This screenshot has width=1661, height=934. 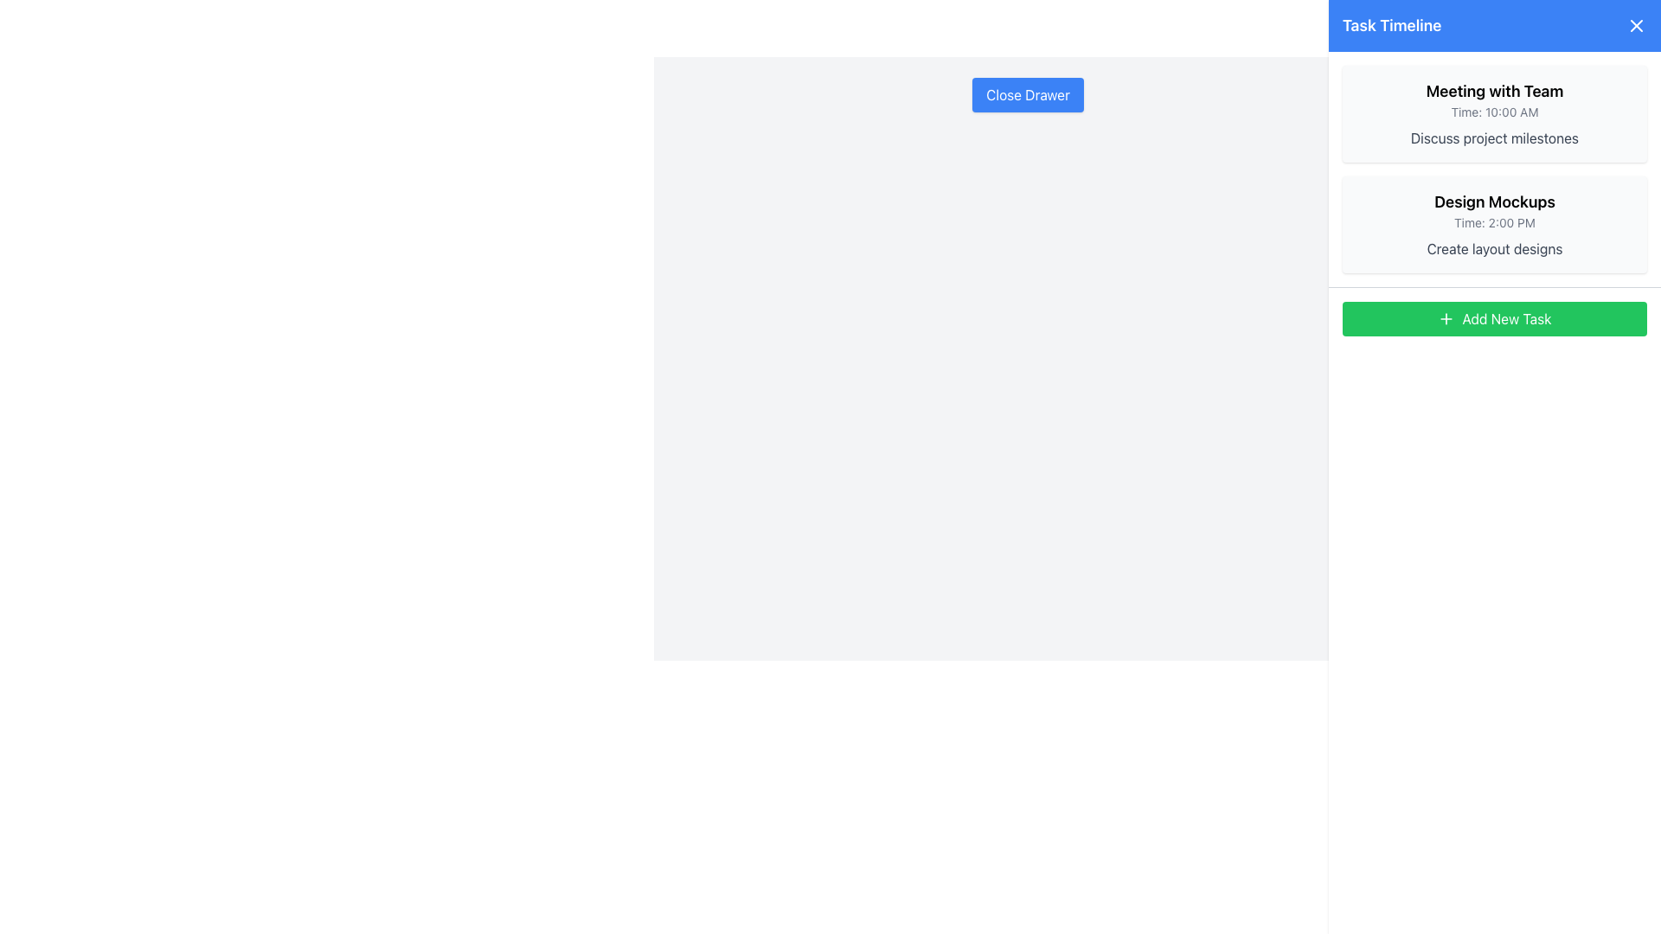 I want to click on bold text 'Design Mockups' which is prominently displayed in the task card located in the 'Task Timeline' section, so click(x=1494, y=202).